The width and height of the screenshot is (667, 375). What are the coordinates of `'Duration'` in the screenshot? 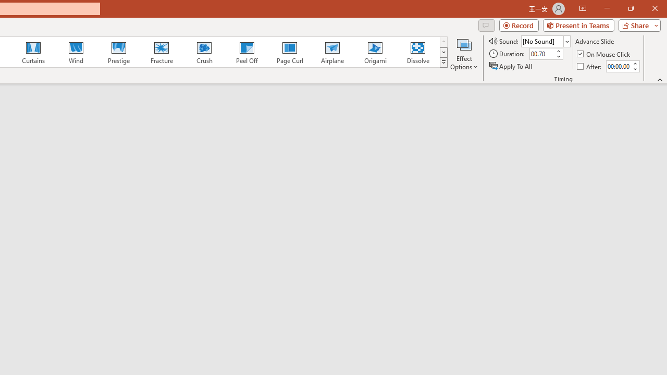 It's located at (542, 54).